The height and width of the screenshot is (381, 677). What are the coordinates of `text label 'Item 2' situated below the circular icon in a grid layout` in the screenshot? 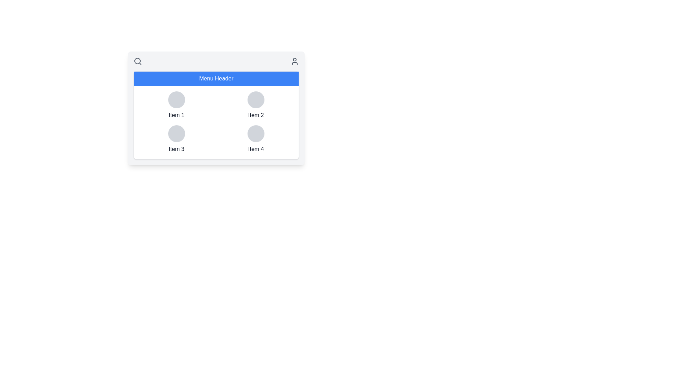 It's located at (256, 115).